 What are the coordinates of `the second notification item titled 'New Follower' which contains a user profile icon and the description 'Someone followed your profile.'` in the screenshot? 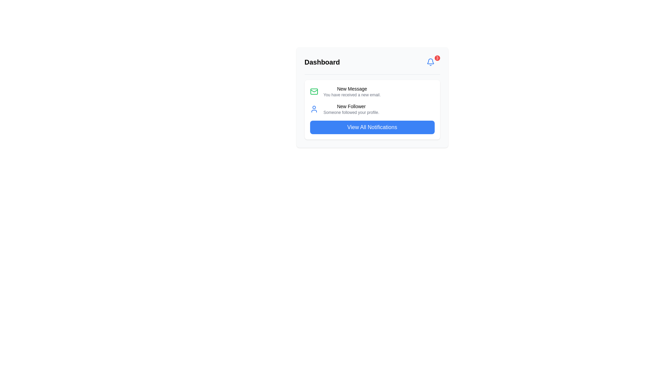 It's located at (372, 109).